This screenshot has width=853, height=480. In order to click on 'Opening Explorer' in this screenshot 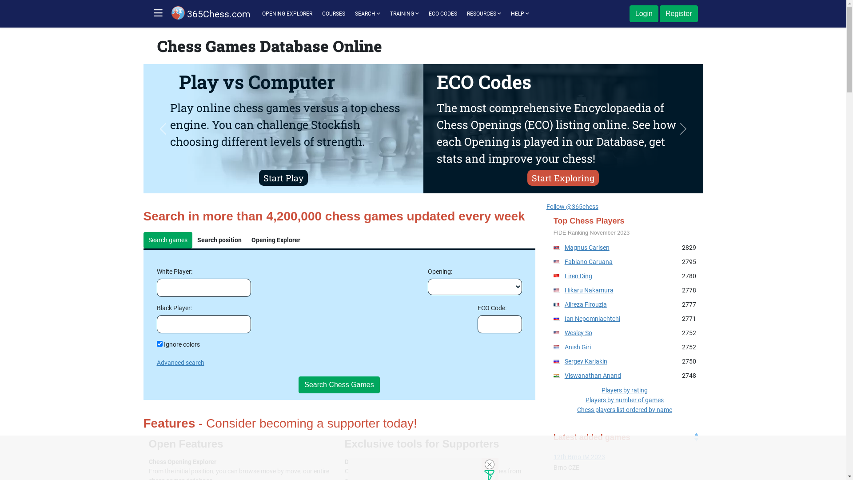, I will do `click(275, 240)`.